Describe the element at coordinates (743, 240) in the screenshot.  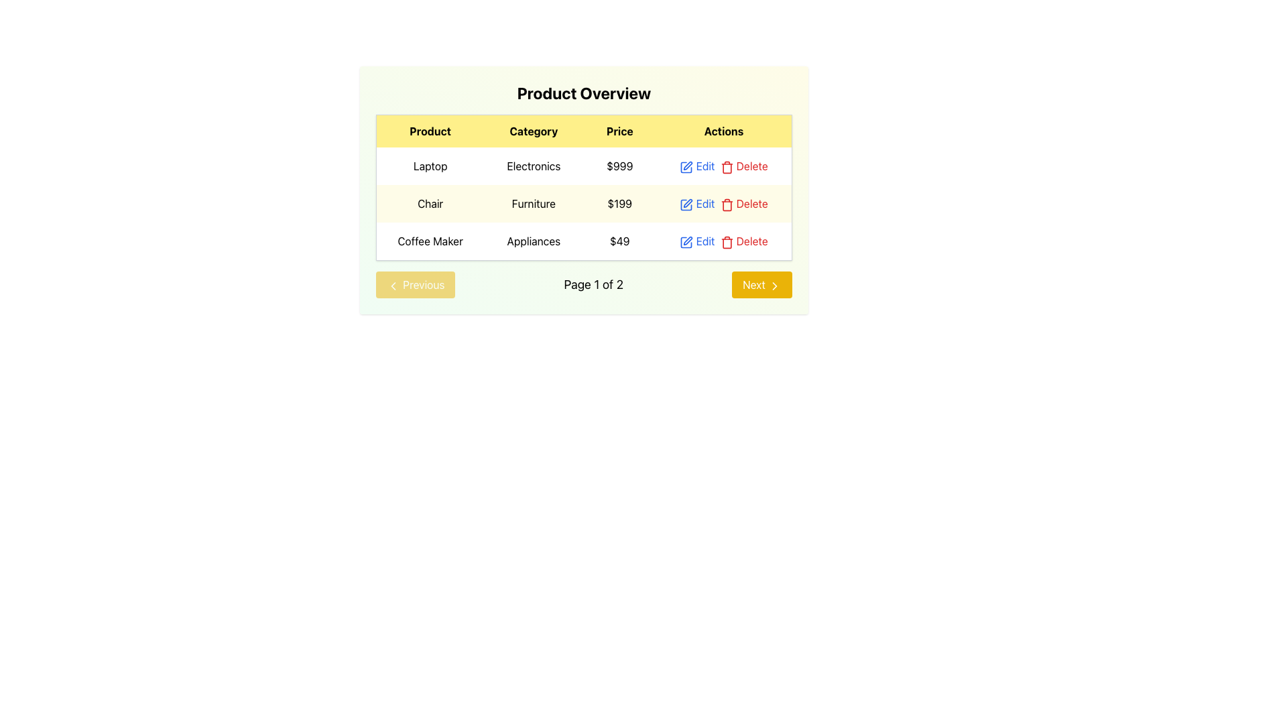
I see `the red 'Delete' text link with a trashcan icon located in the 'Actions' column of the third row in the table to initiate the delete action` at that location.